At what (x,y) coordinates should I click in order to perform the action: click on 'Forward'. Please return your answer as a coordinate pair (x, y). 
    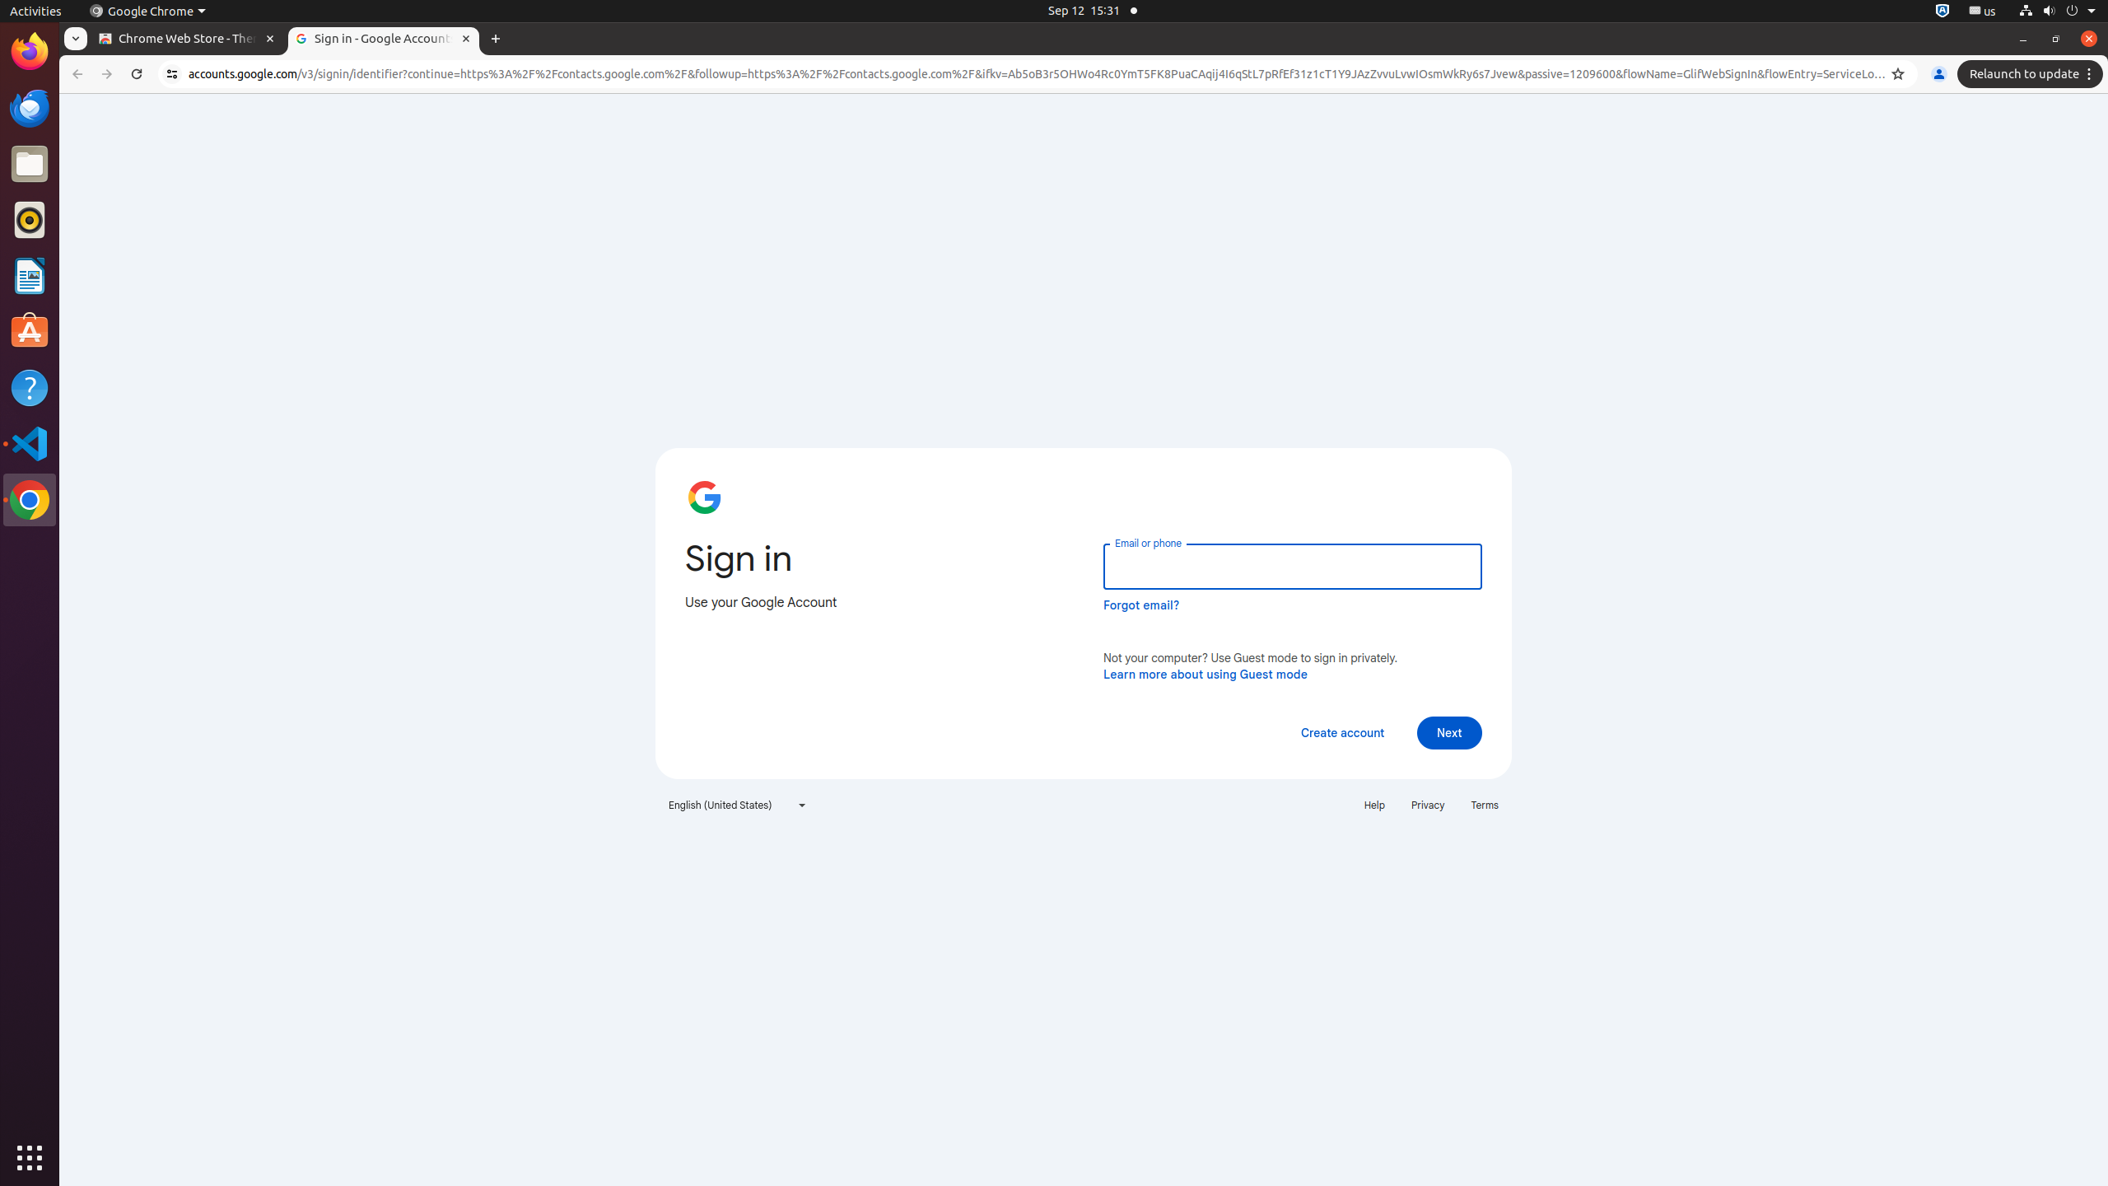
    Looking at the image, I should click on (107, 73).